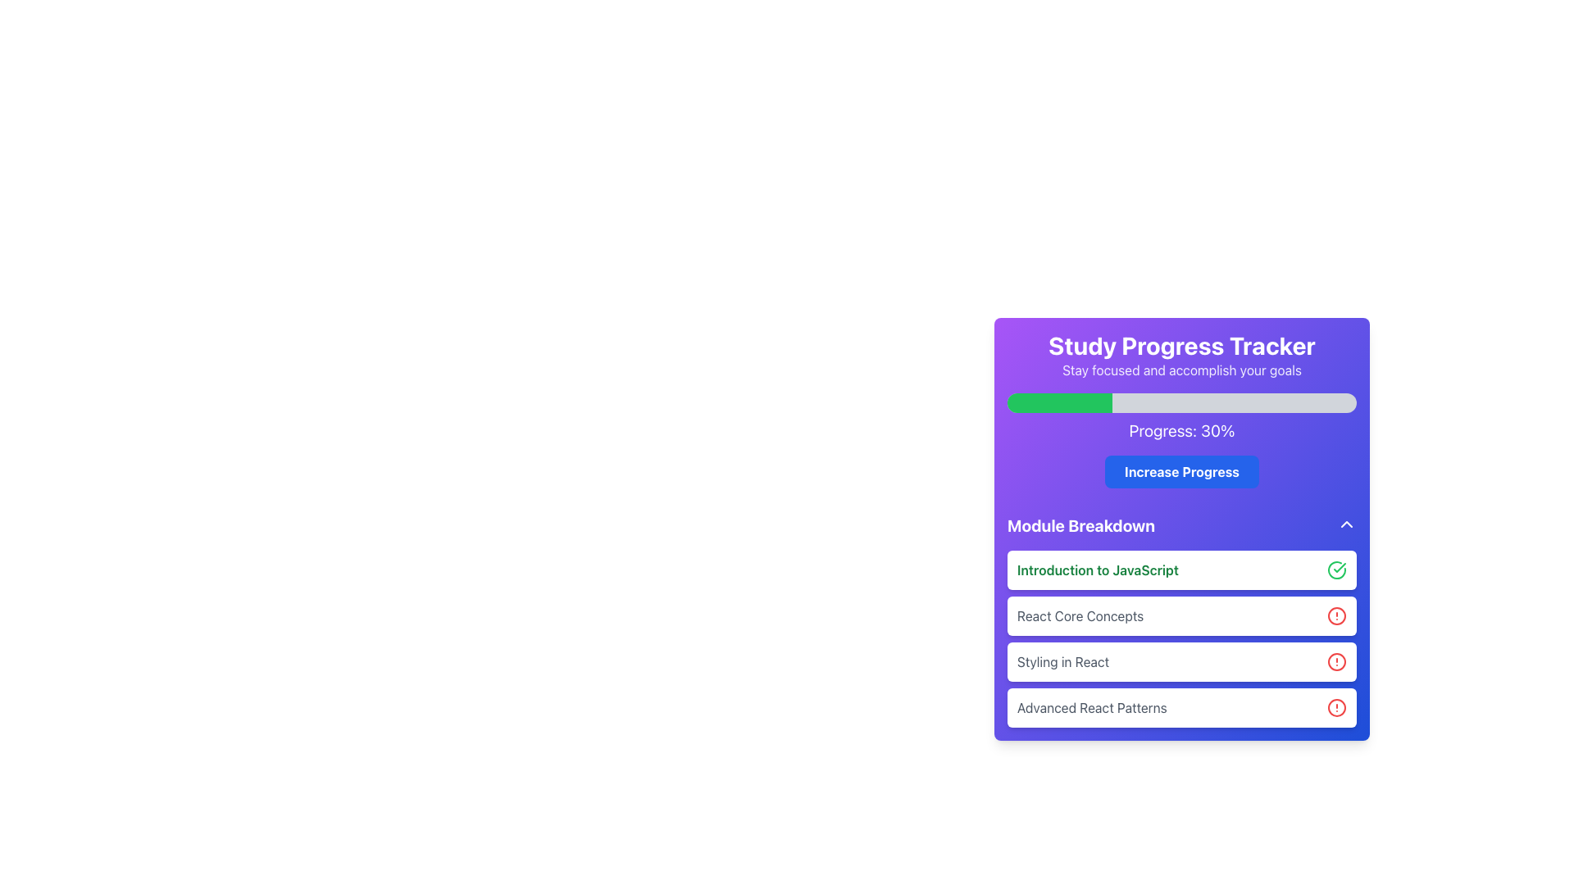 The height and width of the screenshot is (885, 1574). I want to click on the fourth list item in the 'Module Breakdown' section, which displays 'Advanced React Patterns' and has a red circular alert icon on the right, so click(1181, 707).